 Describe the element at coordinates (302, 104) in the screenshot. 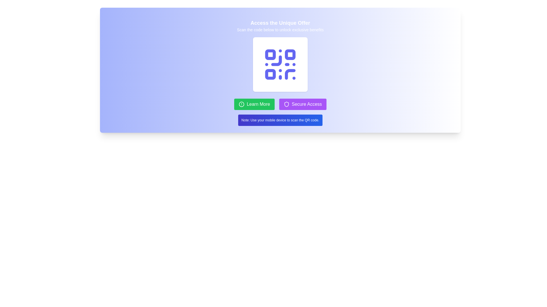

I see `the secure access button located beneath the central QR code, positioned to the right of the 'Learn More' button` at that location.